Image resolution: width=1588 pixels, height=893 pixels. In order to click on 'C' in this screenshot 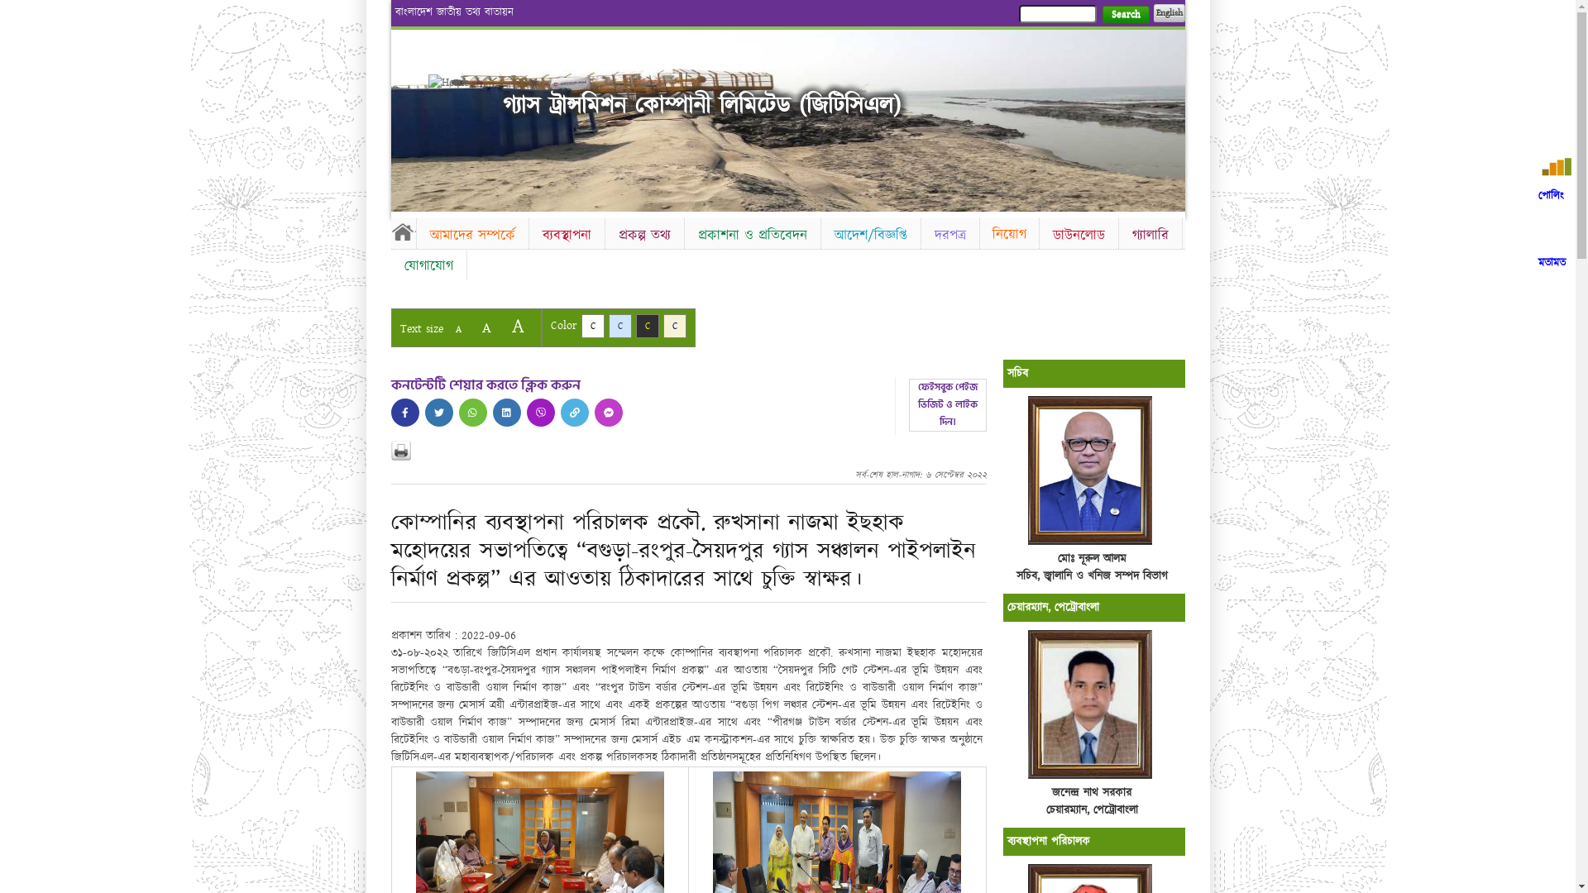, I will do `click(591, 326)`.